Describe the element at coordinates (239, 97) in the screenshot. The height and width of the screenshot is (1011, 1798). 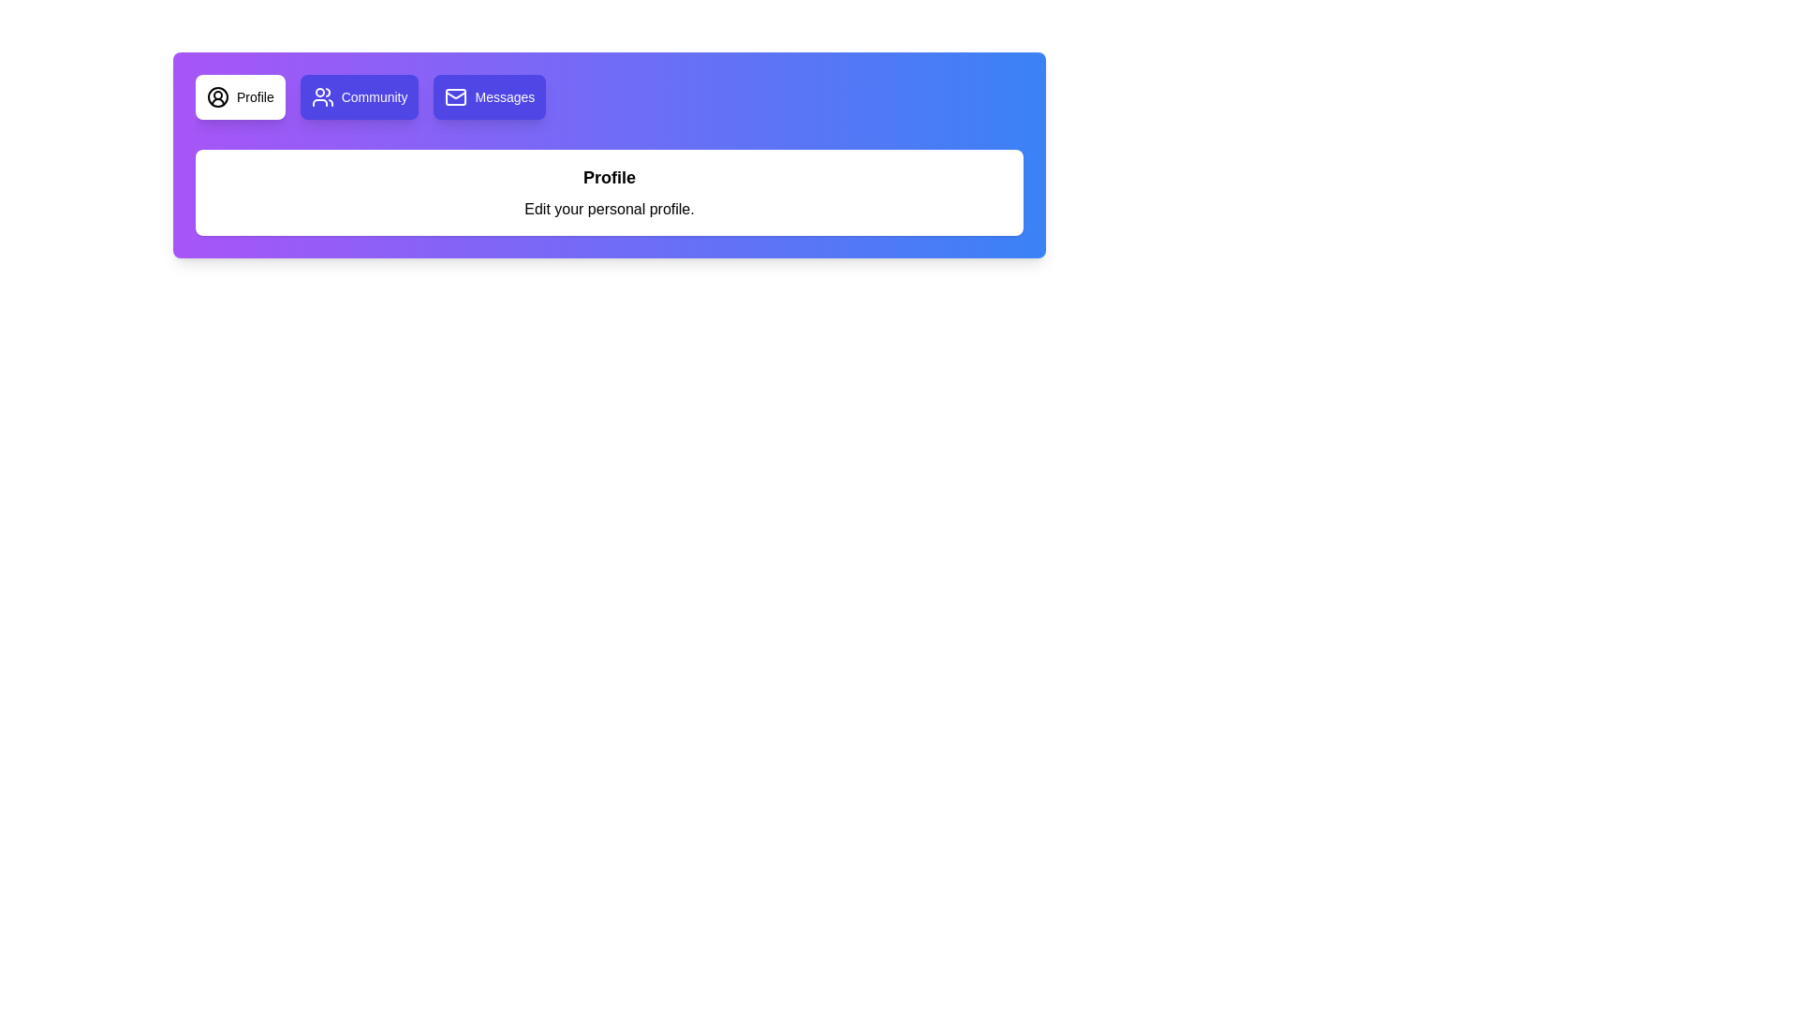
I see `the Profile tab to preview its visual effects` at that location.